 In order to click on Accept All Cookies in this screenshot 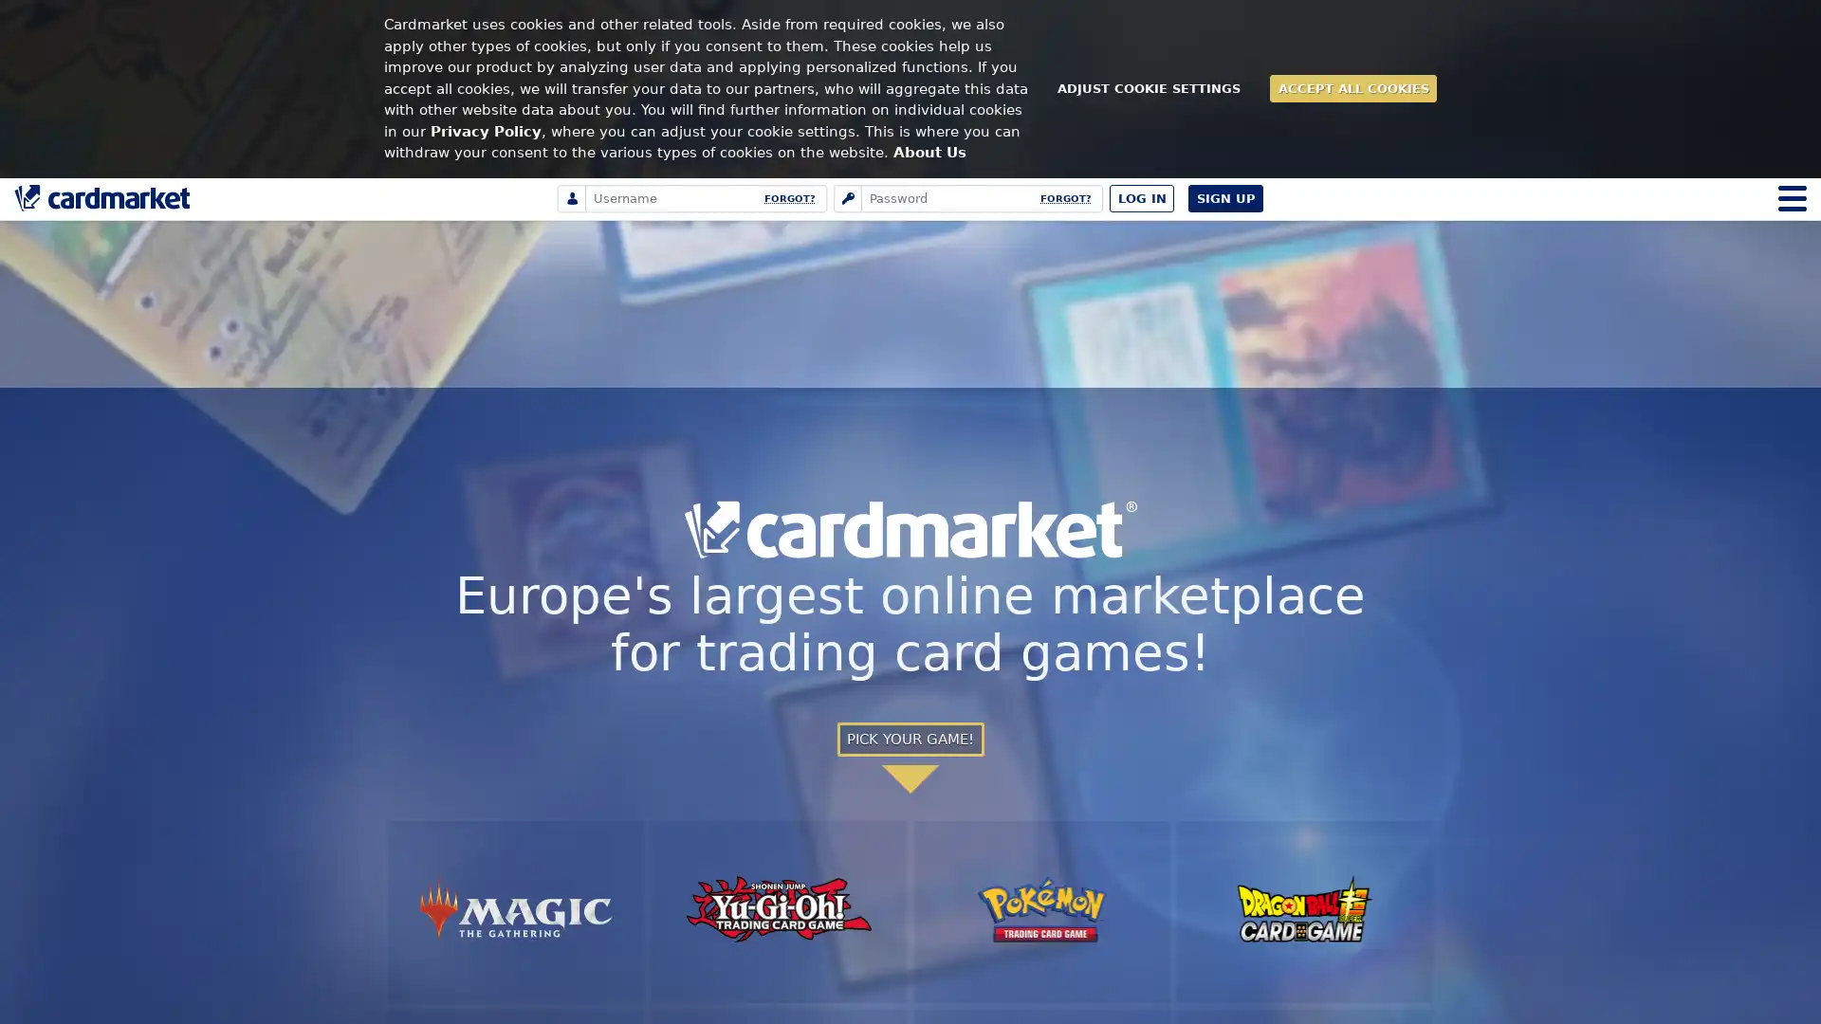, I will do `click(1352, 88)`.